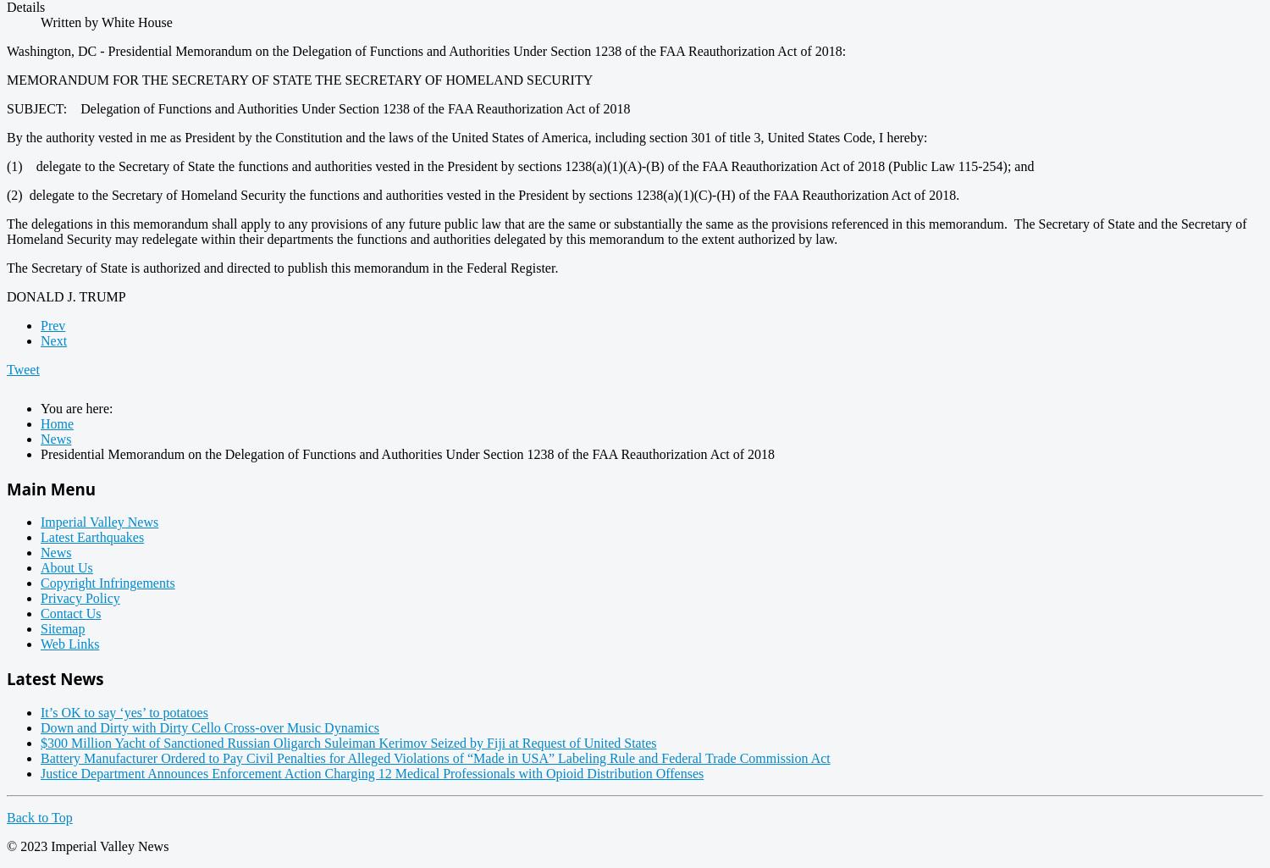  Describe the element at coordinates (6, 677) in the screenshot. I see `'Latest News'` at that location.